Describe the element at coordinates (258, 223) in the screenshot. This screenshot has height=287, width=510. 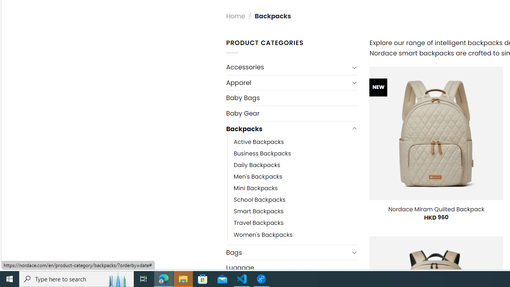
I see `'Travel Backpacks'` at that location.